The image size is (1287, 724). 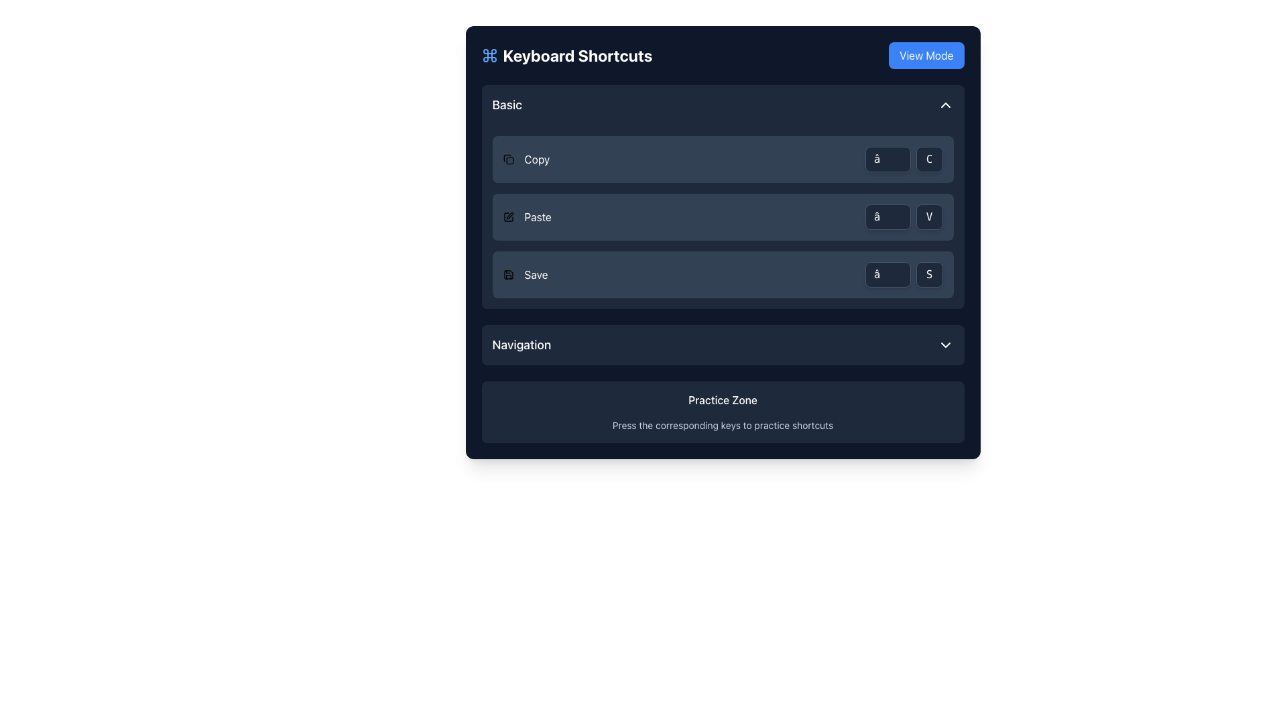 What do you see at coordinates (507, 217) in the screenshot?
I see `the 'Paste' action icon, which is located to the left of the label 'Paste' in the keyboard shortcuts list` at bounding box center [507, 217].